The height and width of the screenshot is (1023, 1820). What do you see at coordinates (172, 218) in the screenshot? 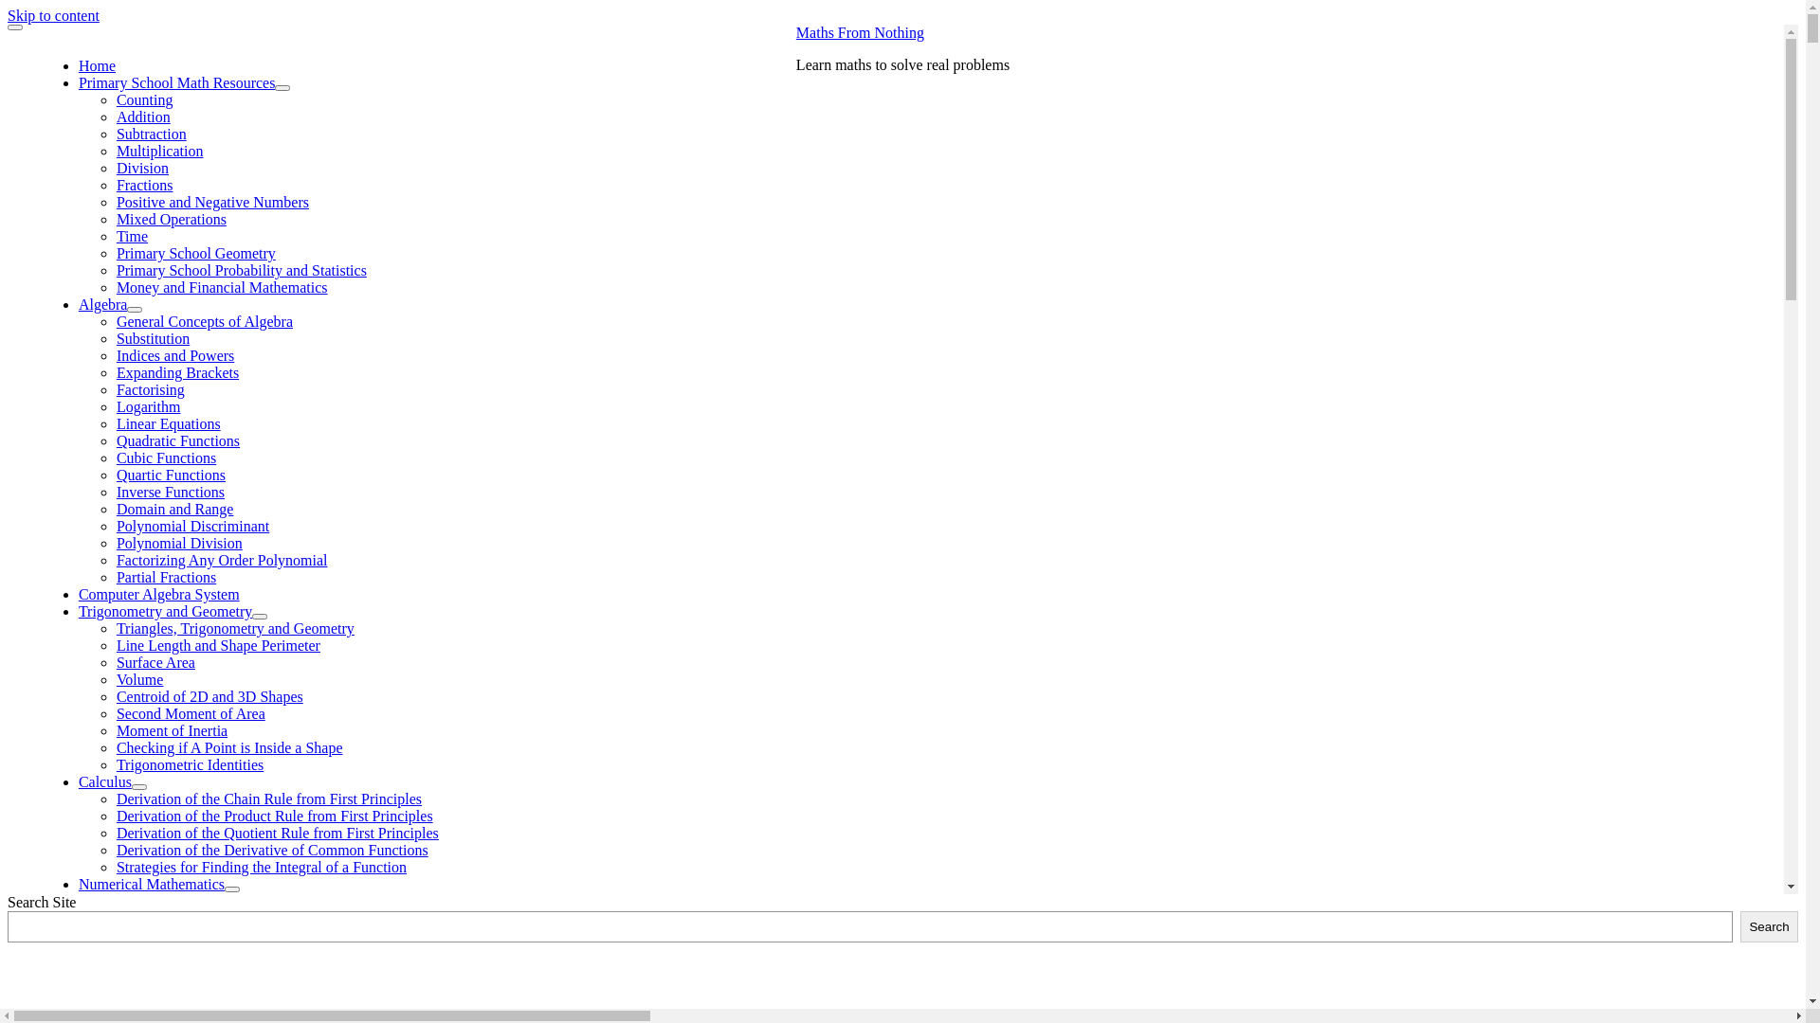
I see `'Mixed Operations'` at bounding box center [172, 218].